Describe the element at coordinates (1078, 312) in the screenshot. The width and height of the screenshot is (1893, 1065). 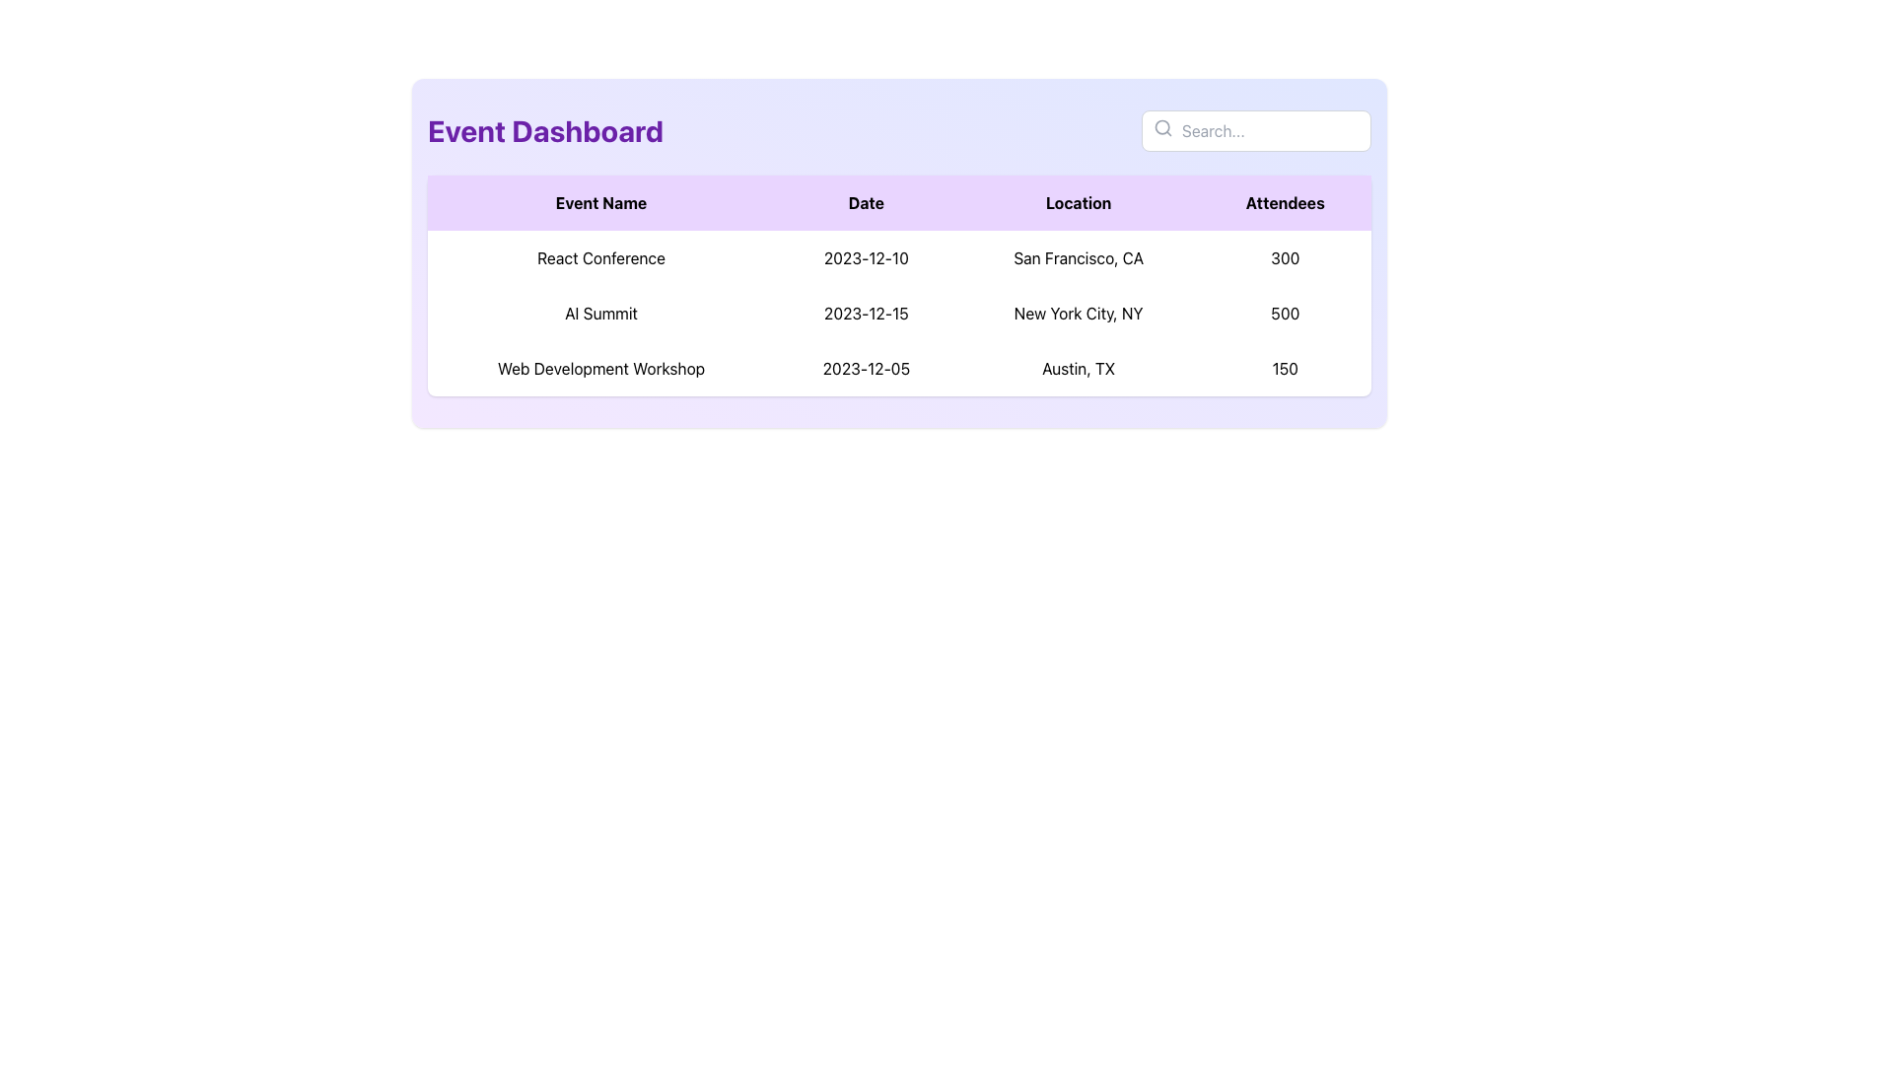
I see `text displayed in the Text Label that shows 'New York City, NY', which is located in the third column of the row for the 'AI Summit' event` at that location.